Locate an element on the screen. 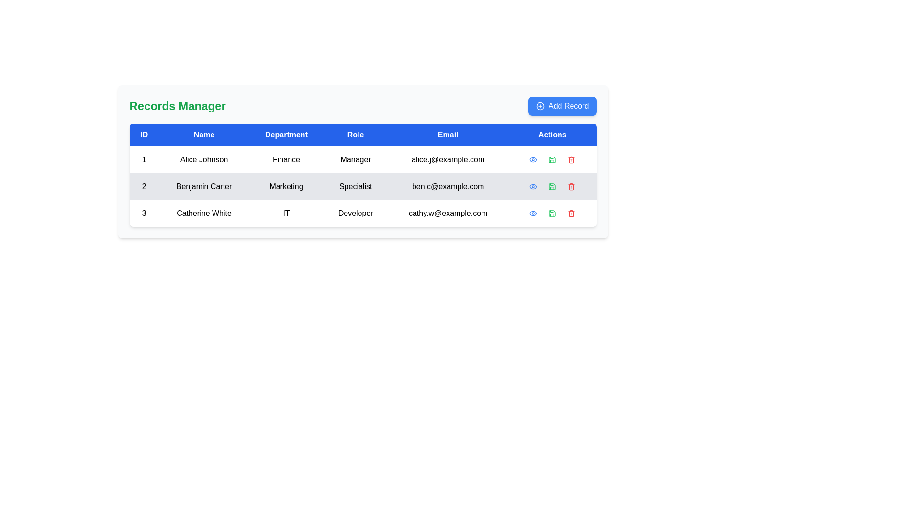 This screenshot has width=919, height=517. the text label displaying the email address for 'Catherine White' in the 'Email' column of the data table is located at coordinates (448, 213).